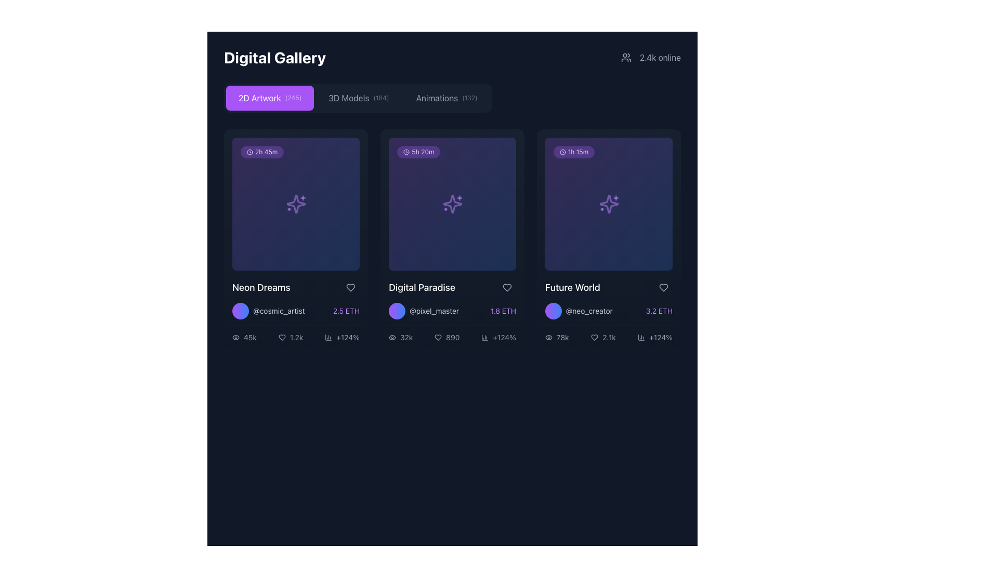  Describe the element at coordinates (349, 98) in the screenshot. I see `the static text label displaying '3D Models', which is styled with gray text on a dark background and is part of the top navigation bar` at that location.